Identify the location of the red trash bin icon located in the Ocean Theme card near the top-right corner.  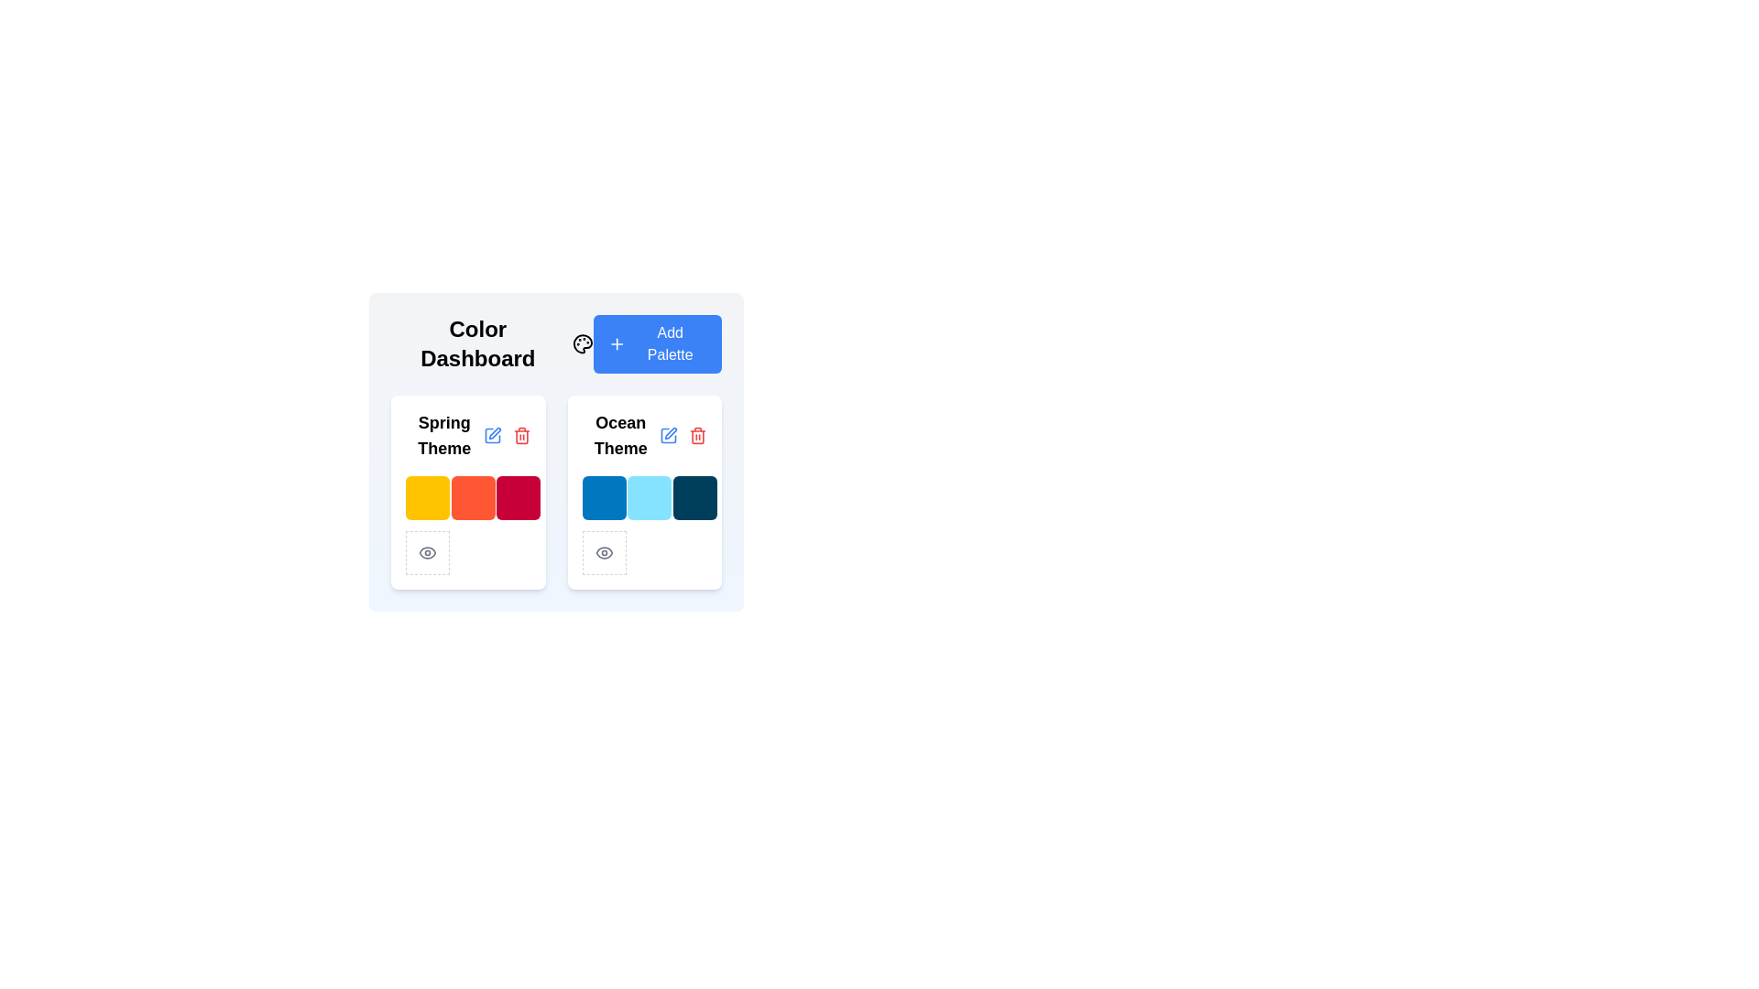
(682, 435).